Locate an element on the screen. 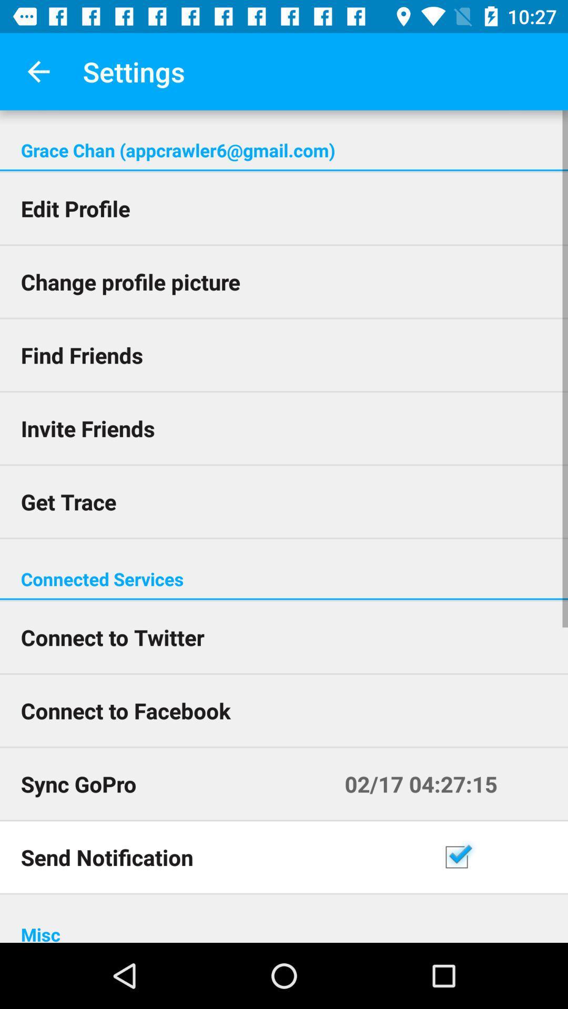 The image size is (568, 1009). the item below grace chan appcrawler6 icon is located at coordinates (284, 170).